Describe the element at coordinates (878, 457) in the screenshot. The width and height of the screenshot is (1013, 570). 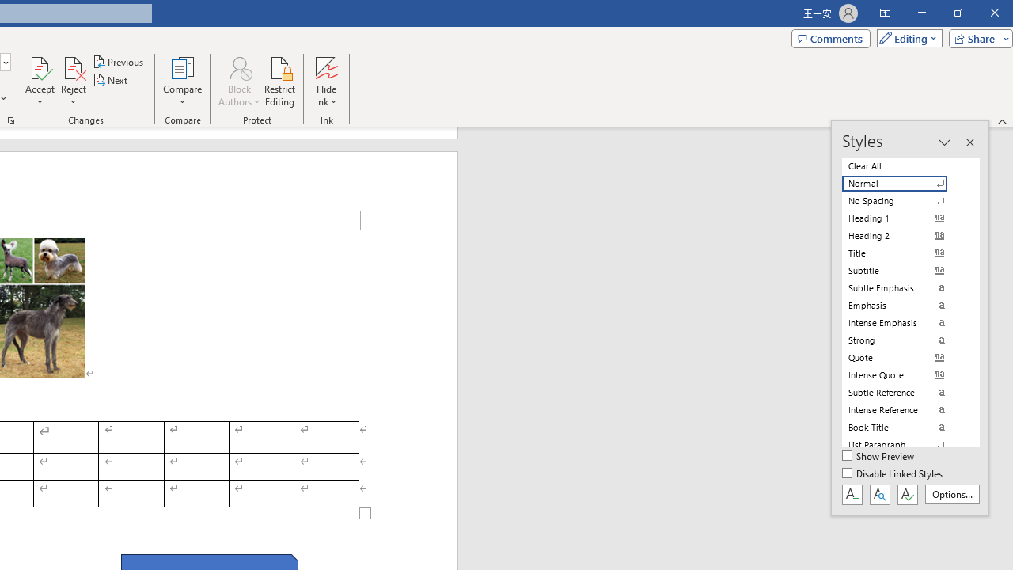
I see `'Show Preview'` at that location.